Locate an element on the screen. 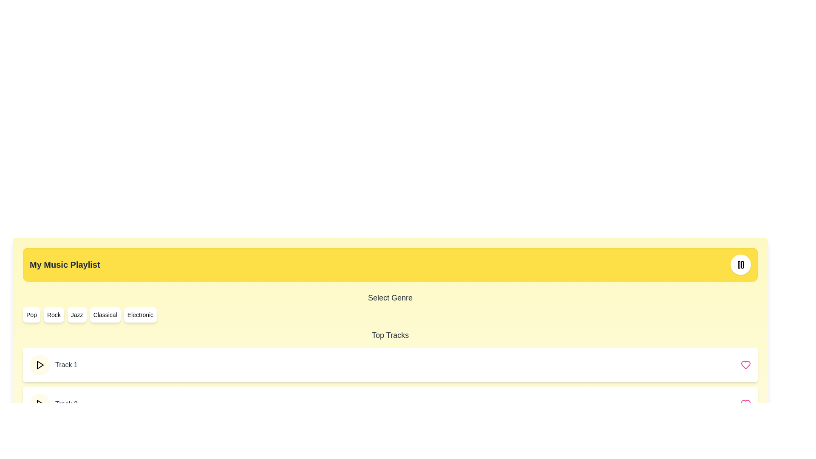 The image size is (816, 459). the textual label displaying 'Track 2' located in the lower section of the interface, below 'Track 1' is located at coordinates (53, 404).